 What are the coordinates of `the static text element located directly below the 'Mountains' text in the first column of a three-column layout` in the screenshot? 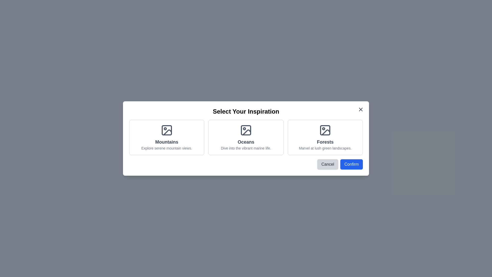 It's located at (167, 148).